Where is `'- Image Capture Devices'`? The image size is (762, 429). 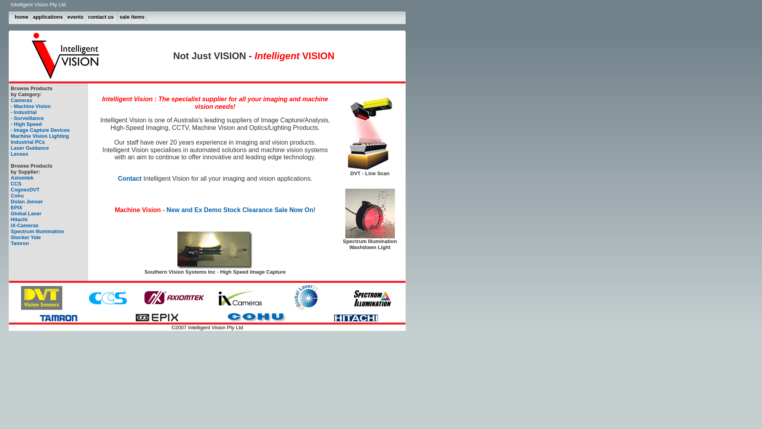
'- Image Capture Devices' is located at coordinates (40, 129).